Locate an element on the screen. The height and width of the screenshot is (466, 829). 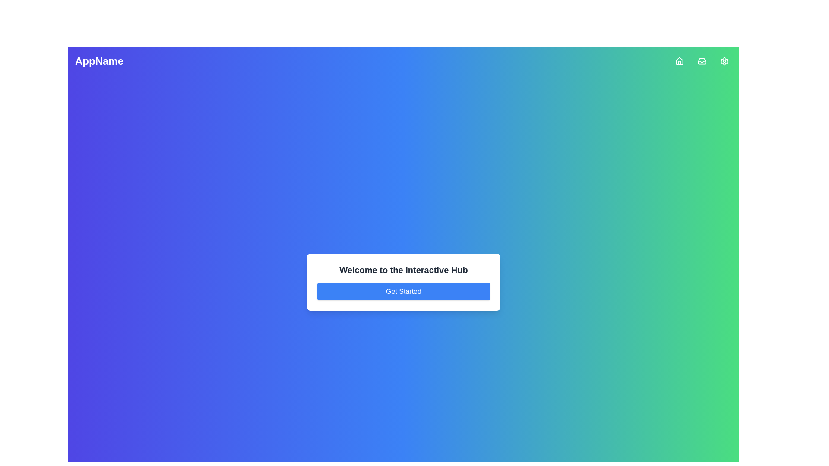
the title text element displaying 'Welcome to the Interactive Hub', which is bold and large against a white background is located at coordinates (403, 269).